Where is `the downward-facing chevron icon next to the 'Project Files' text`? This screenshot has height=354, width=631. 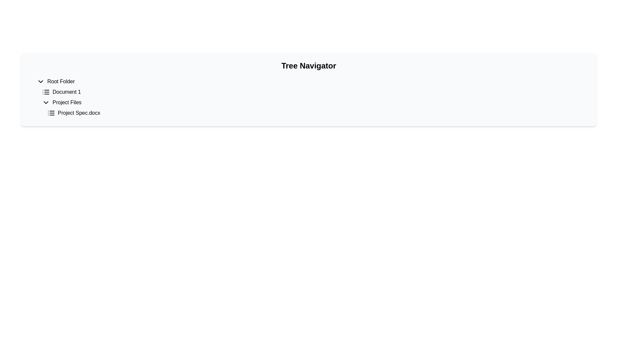
the downward-facing chevron icon next to the 'Project Files' text is located at coordinates (45, 102).